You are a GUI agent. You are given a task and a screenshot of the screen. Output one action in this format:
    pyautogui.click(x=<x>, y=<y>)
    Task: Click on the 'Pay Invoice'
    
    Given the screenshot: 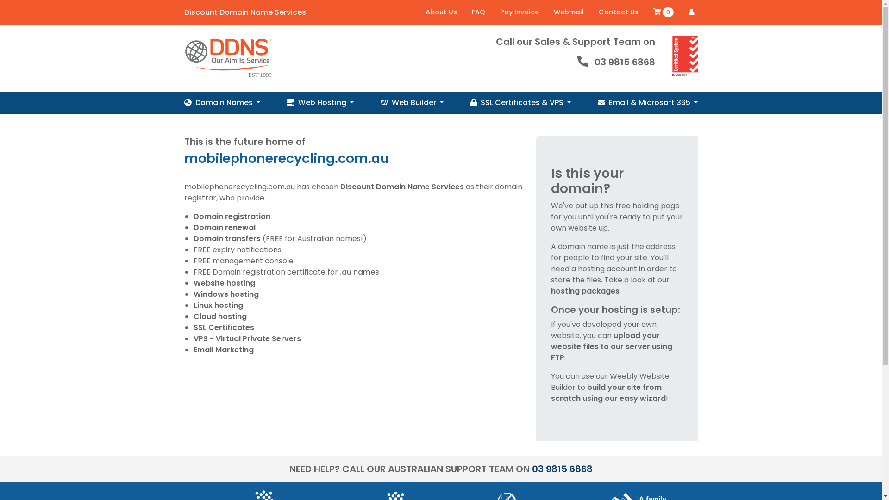 What is the action you would take?
    pyautogui.click(x=520, y=12)
    